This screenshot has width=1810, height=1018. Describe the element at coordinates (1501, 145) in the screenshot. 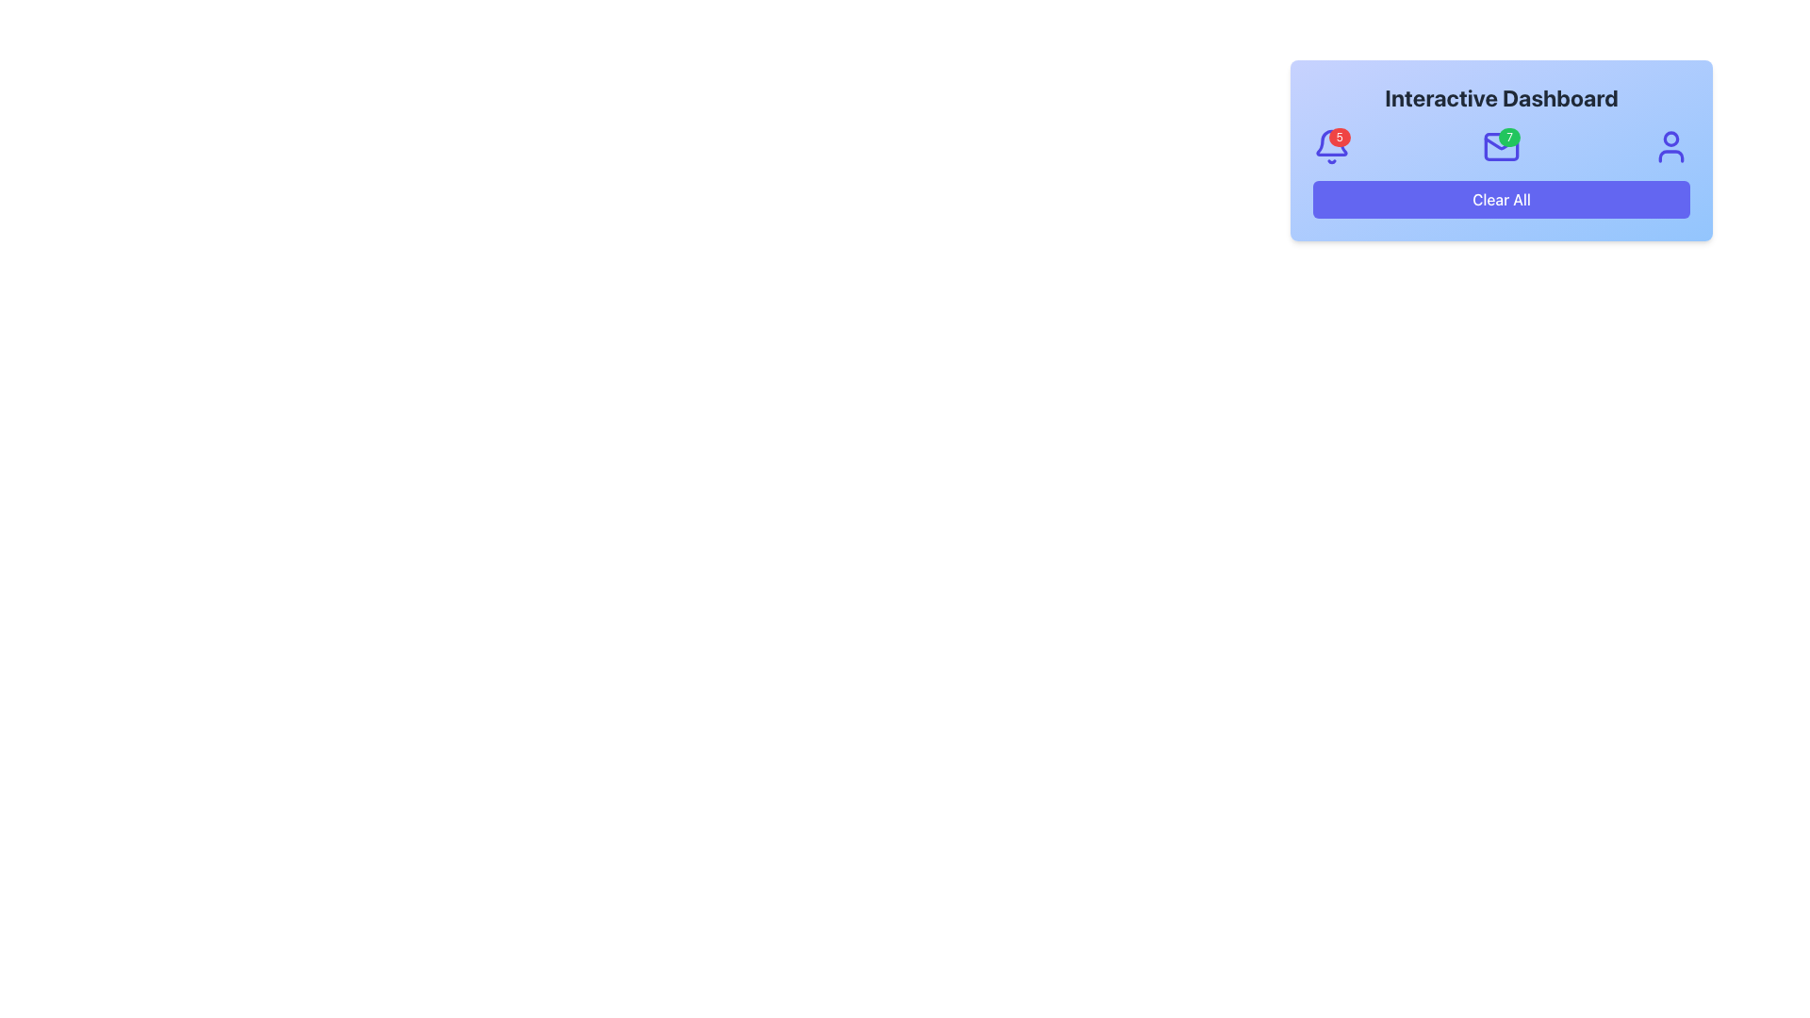

I see `the first Decorative SVG rectangle that represents the base of the envelope icon located at the center of the dashboard interface` at that location.